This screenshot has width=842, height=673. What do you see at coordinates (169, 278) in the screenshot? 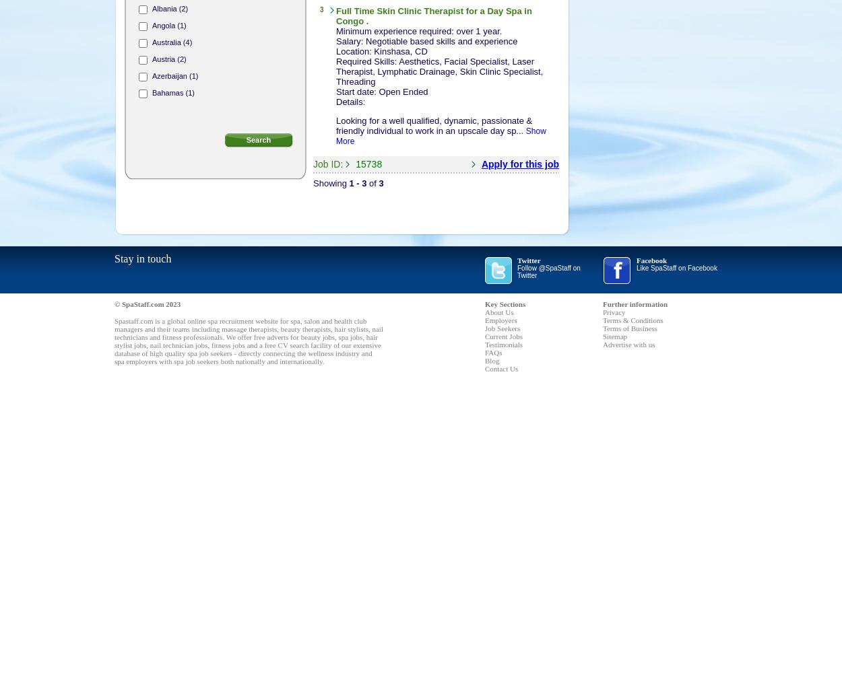
I see `'Croatia (7)'` at bounding box center [169, 278].